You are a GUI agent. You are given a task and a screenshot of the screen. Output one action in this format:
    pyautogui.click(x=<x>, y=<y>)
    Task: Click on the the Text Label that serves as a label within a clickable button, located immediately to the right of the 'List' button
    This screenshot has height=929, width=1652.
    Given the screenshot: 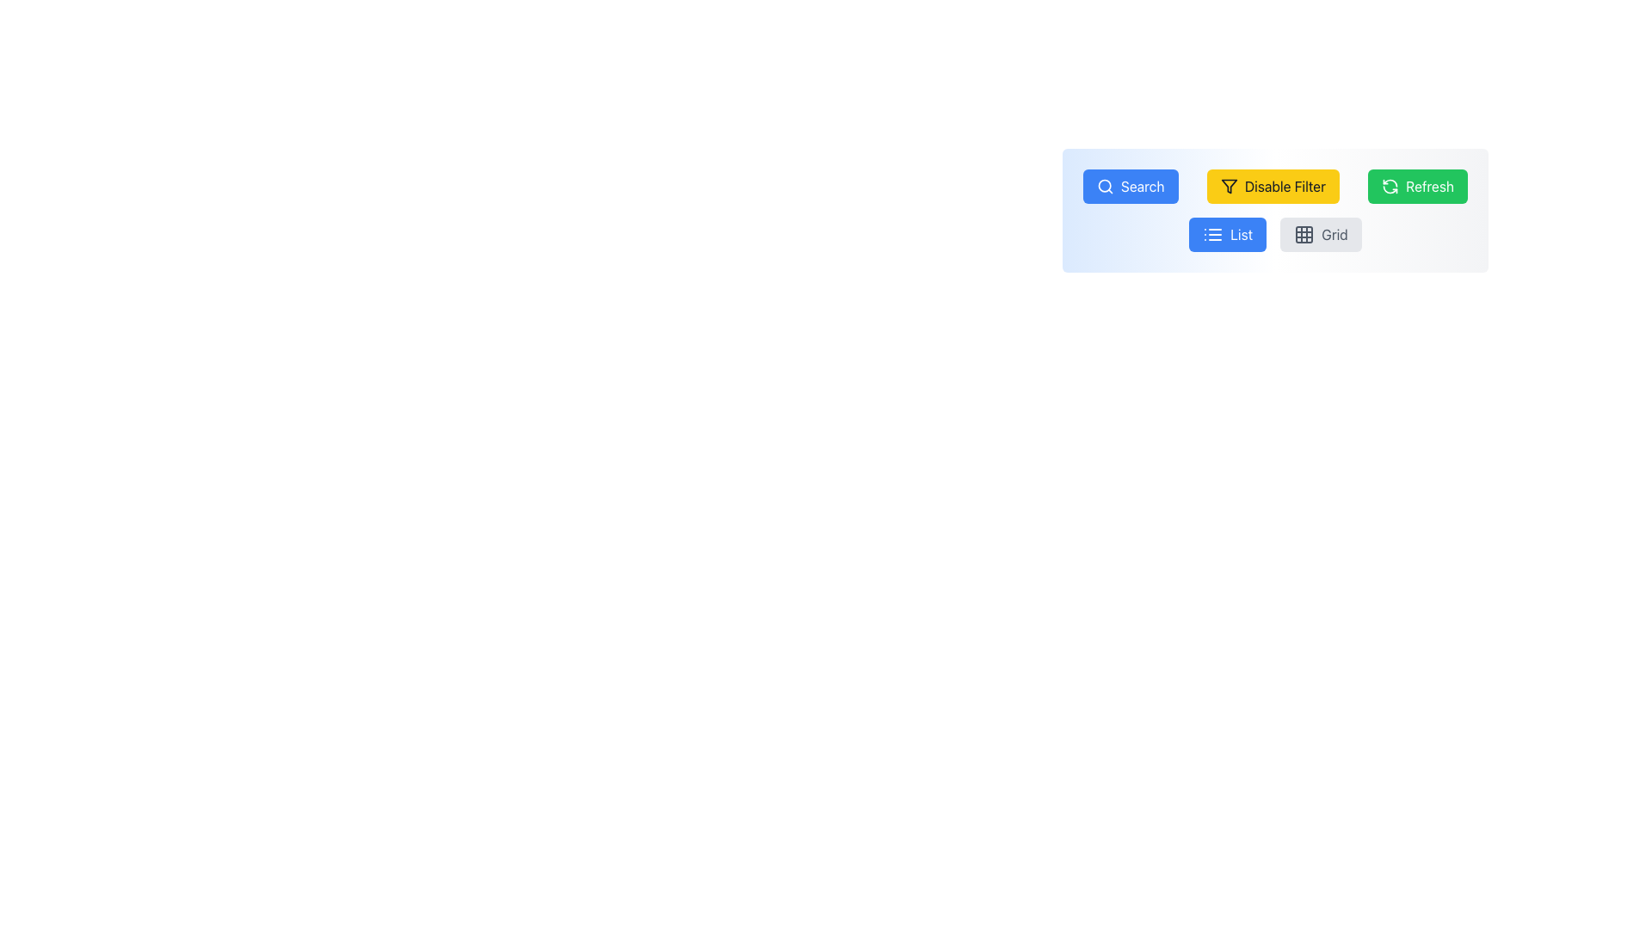 What is the action you would take?
    pyautogui.click(x=1334, y=235)
    